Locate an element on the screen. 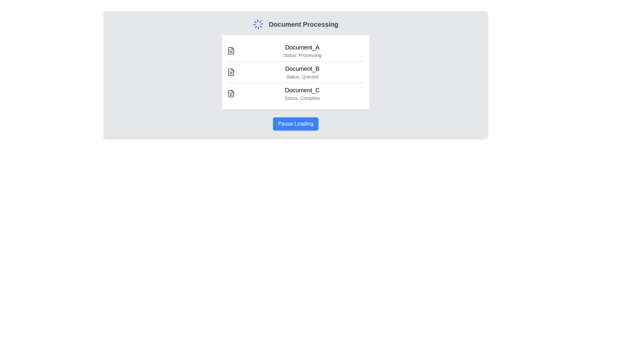 The width and height of the screenshot is (633, 356). the first list item in the card layout that displays the document's name and processing status is located at coordinates (295, 50).